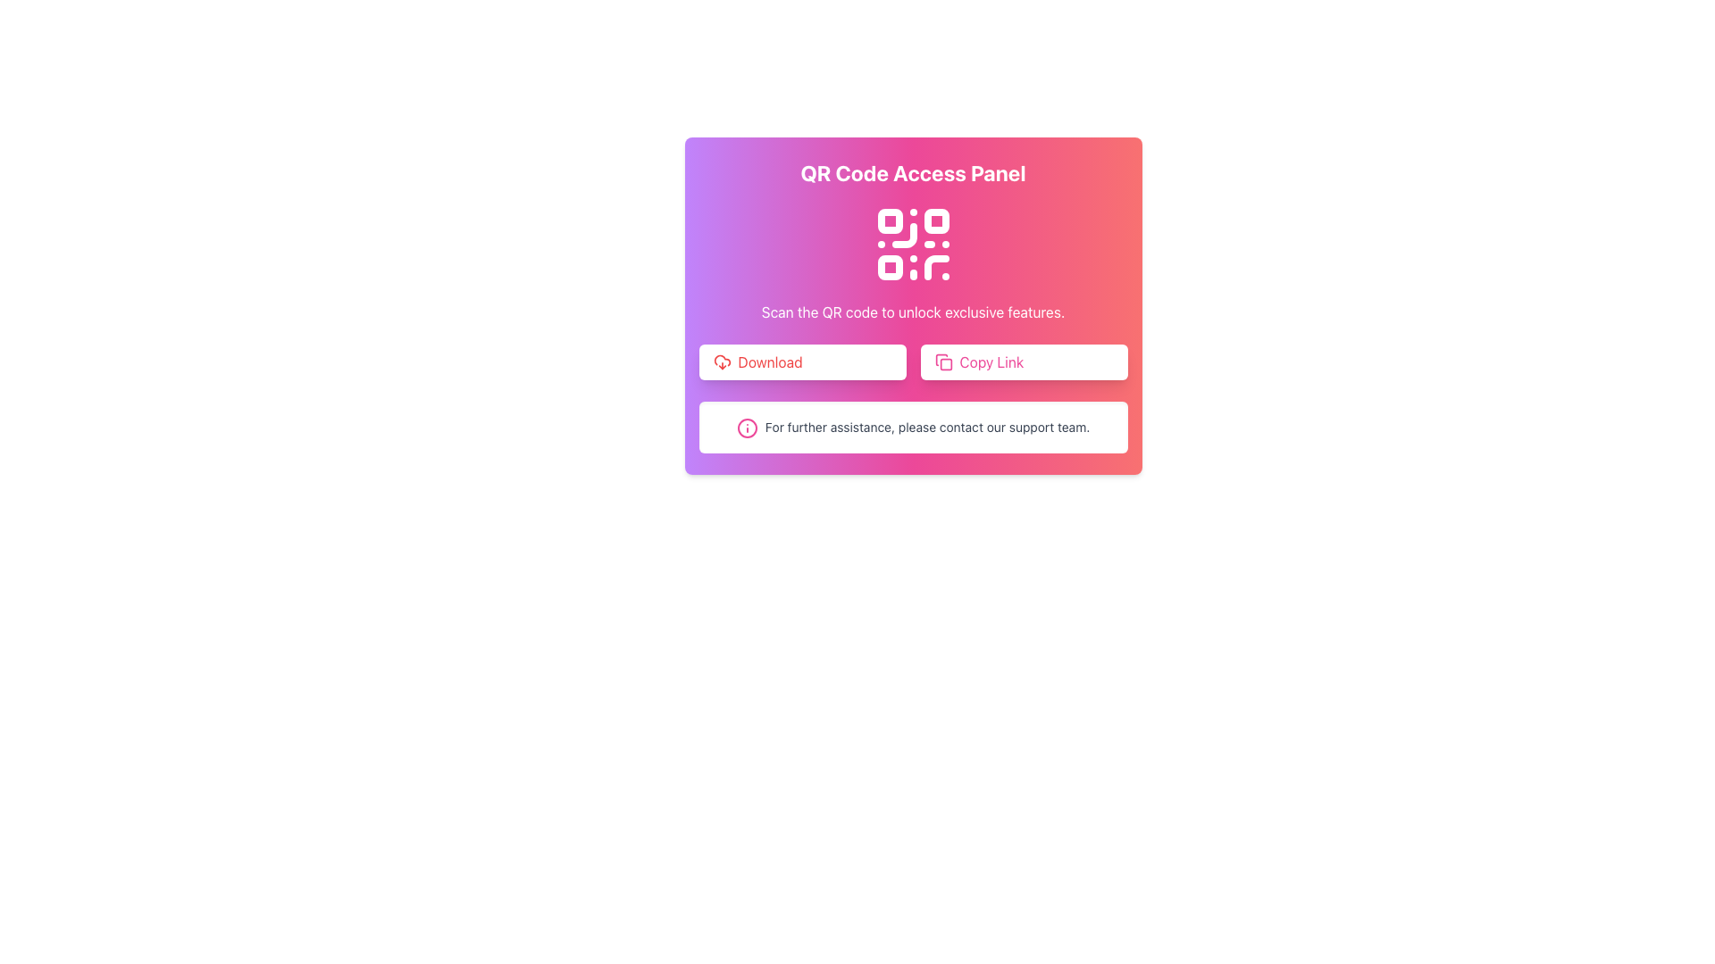  I want to click on the Decorative section featuring a QR code icon and the text 'Scan the QR code to unlock exclusive features.', so click(913, 262).